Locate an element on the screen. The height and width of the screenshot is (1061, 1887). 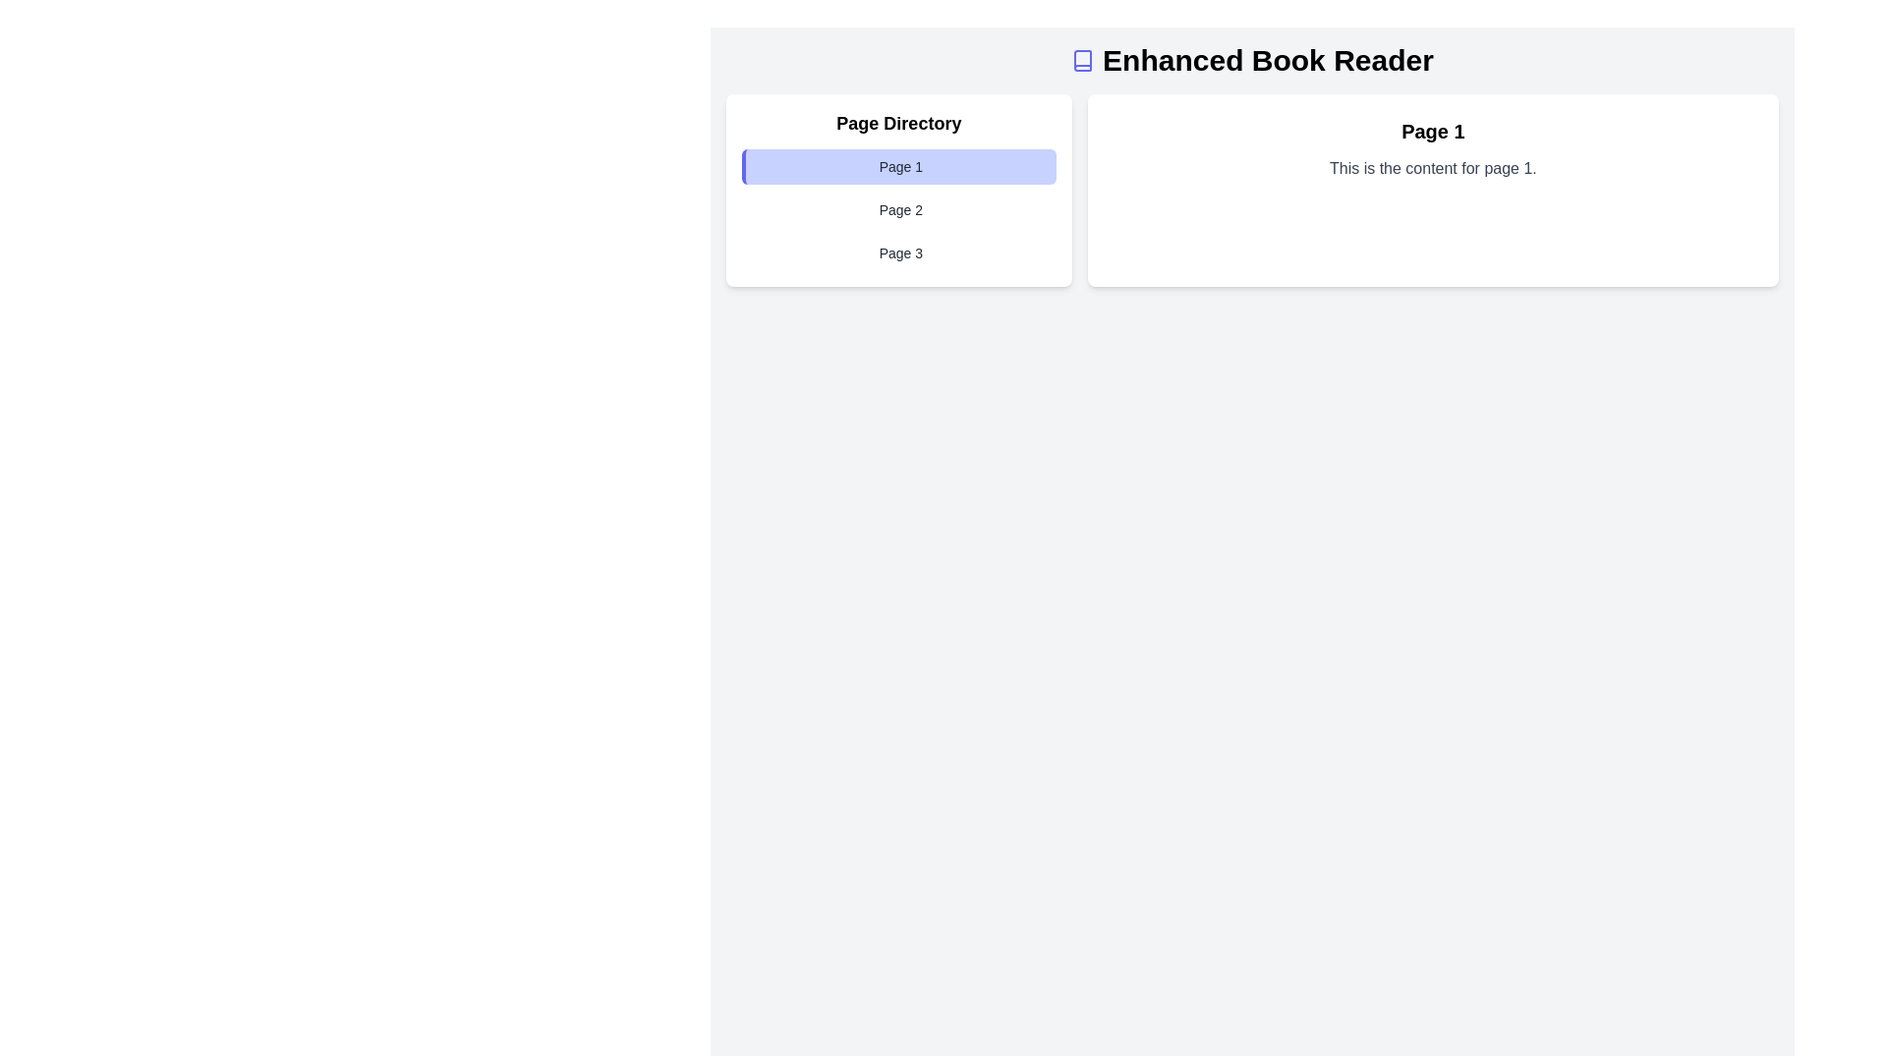
the vector icon representing a book, which is styled with indigo and located near the top-left corner of the header, adjacent to 'Enhanced Book Reader' is located at coordinates (1082, 59).